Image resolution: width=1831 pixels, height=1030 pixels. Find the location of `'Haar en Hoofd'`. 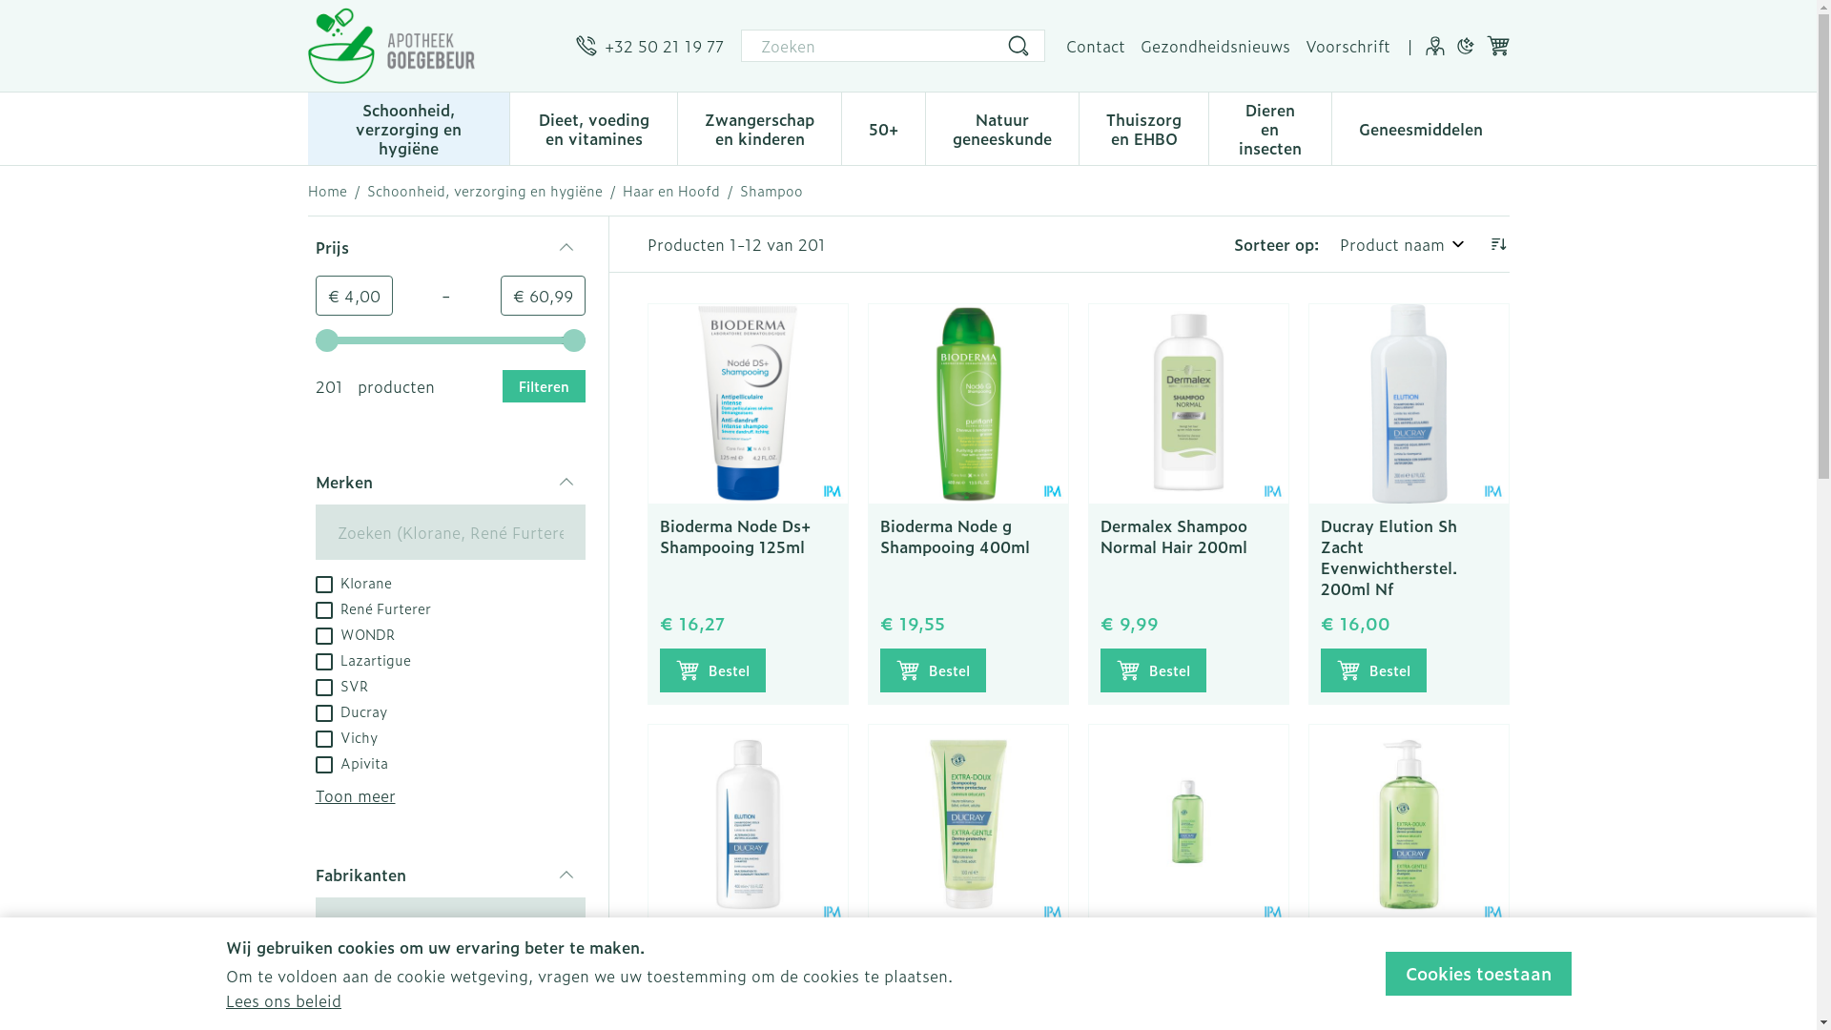

'Haar en Hoofd' is located at coordinates (669, 191).